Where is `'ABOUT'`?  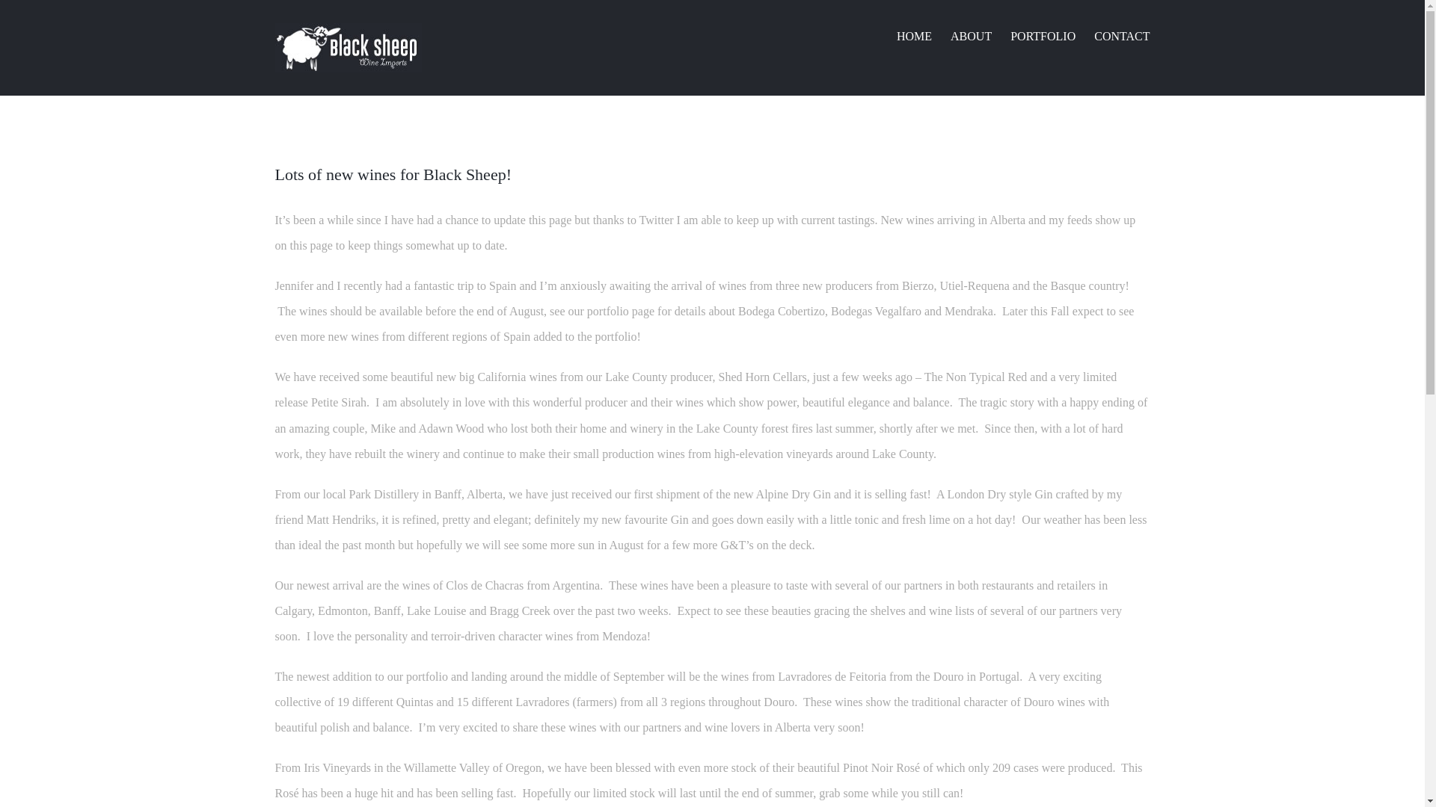 'ABOUT' is located at coordinates (950, 34).